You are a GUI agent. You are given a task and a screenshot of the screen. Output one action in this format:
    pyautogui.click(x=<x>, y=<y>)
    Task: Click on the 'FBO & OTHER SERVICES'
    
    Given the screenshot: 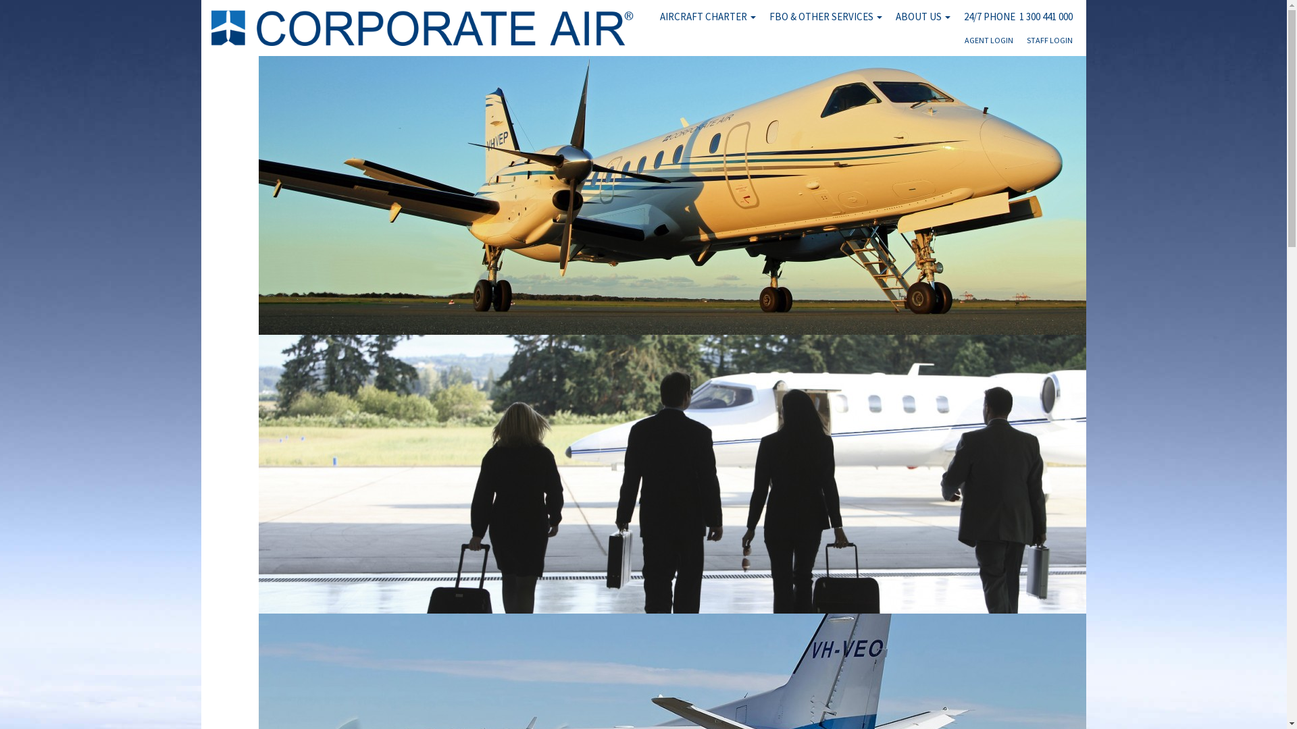 What is the action you would take?
    pyautogui.click(x=824, y=16)
    